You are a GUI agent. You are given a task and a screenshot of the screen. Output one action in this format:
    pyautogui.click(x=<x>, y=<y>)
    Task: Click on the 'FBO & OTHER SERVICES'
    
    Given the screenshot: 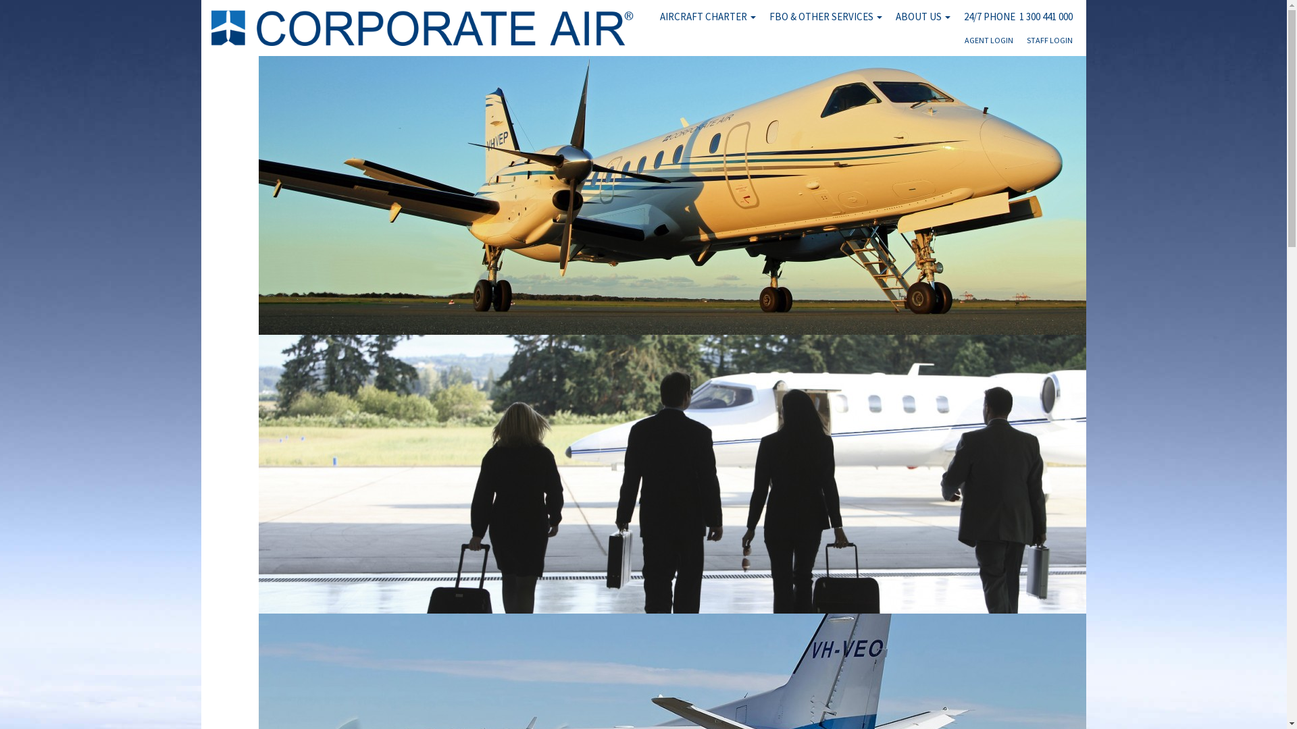 What is the action you would take?
    pyautogui.click(x=824, y=16)
    